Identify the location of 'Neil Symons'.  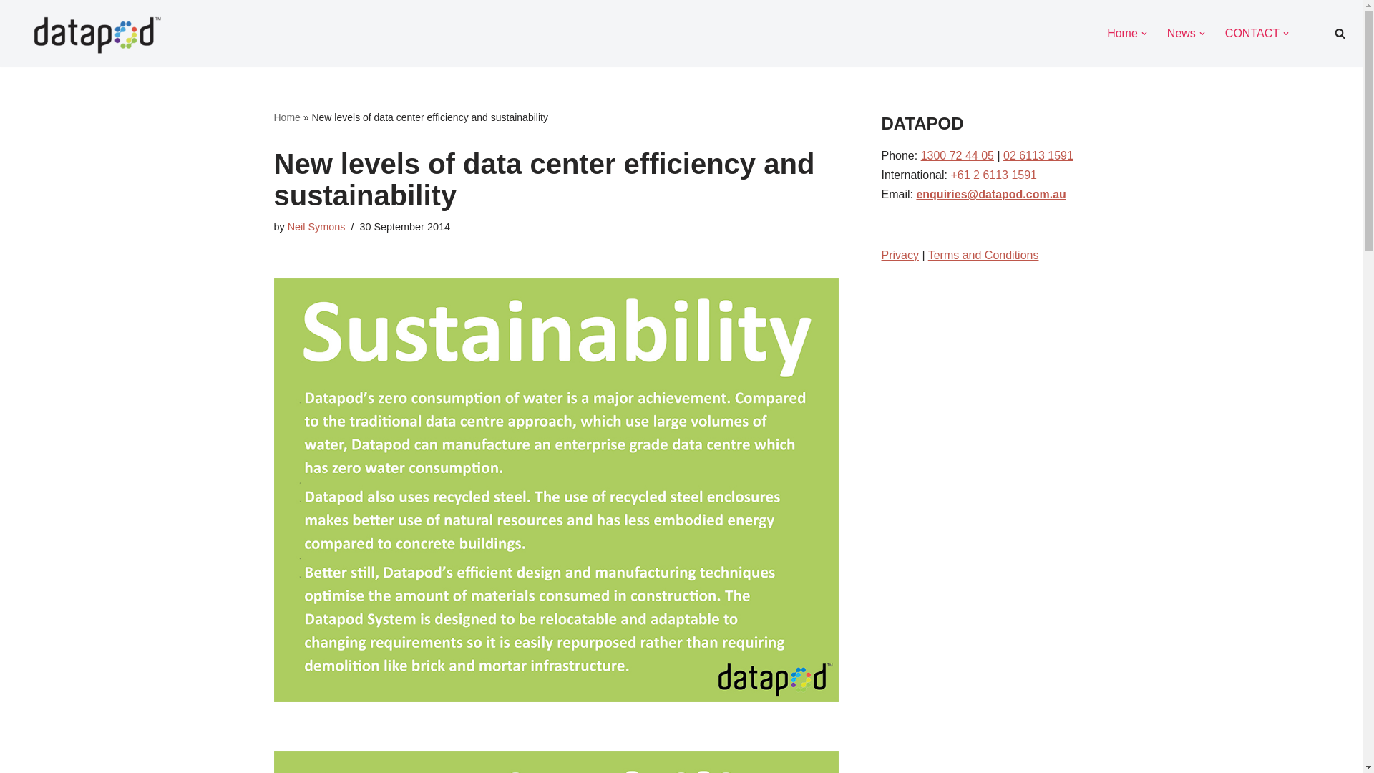
(316, 225).